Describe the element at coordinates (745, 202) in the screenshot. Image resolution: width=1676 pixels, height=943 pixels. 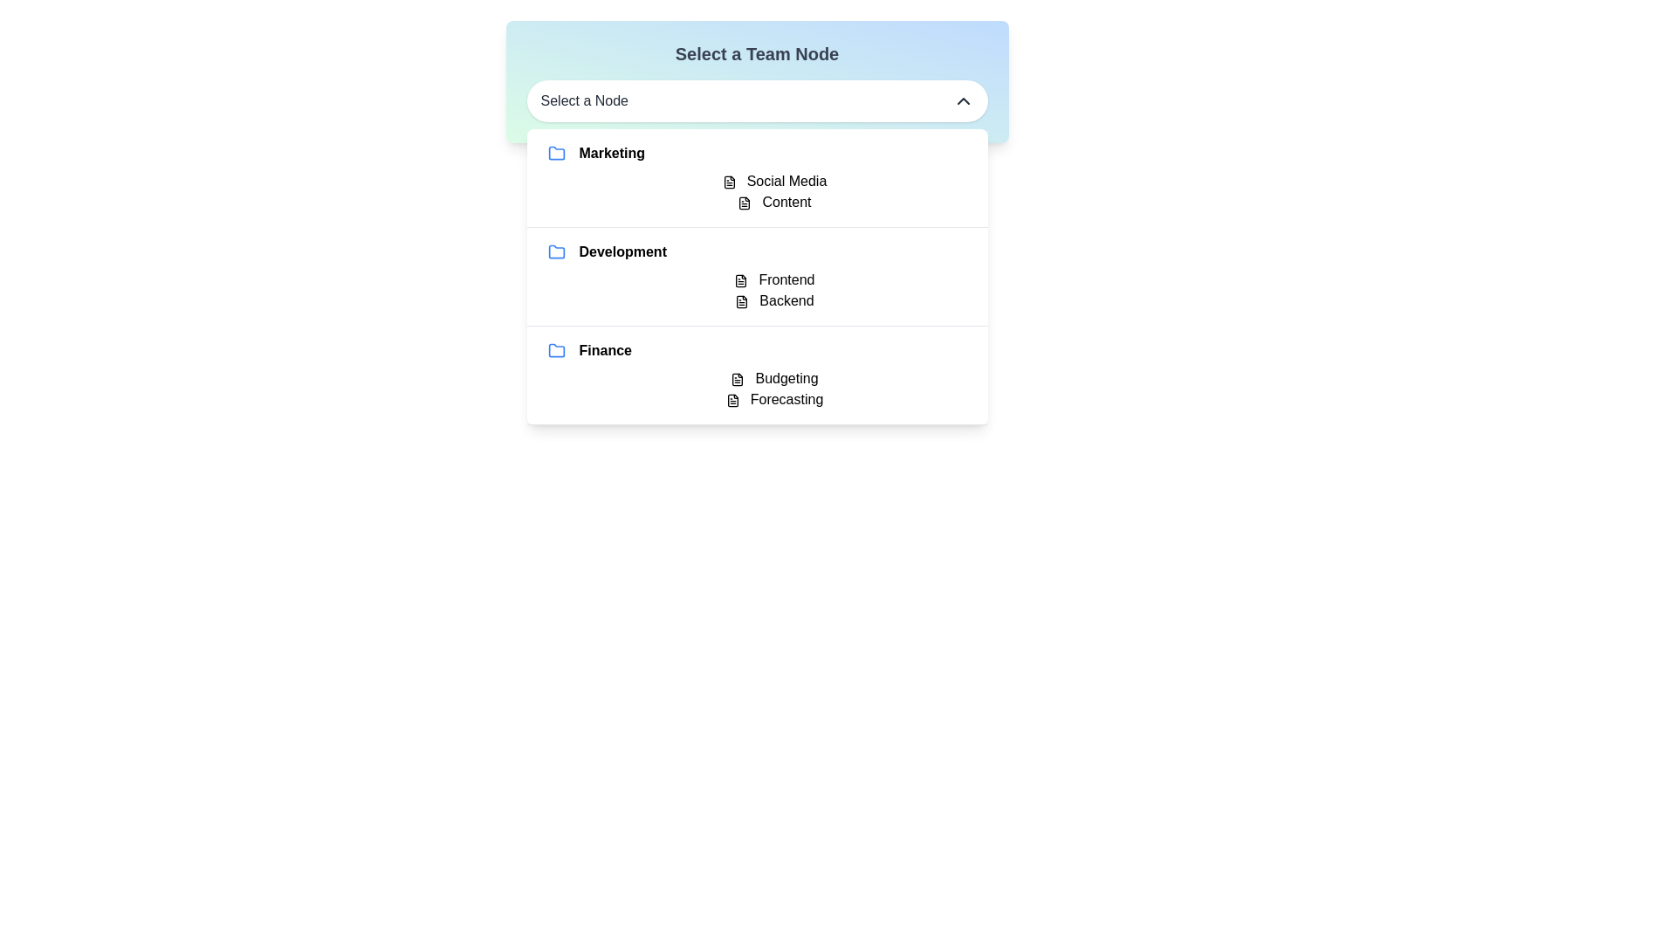
I see `the 'Content' icon under the 'Marketing' section in the dropdown interface, which is the first icon associated with a textual label` at that location.